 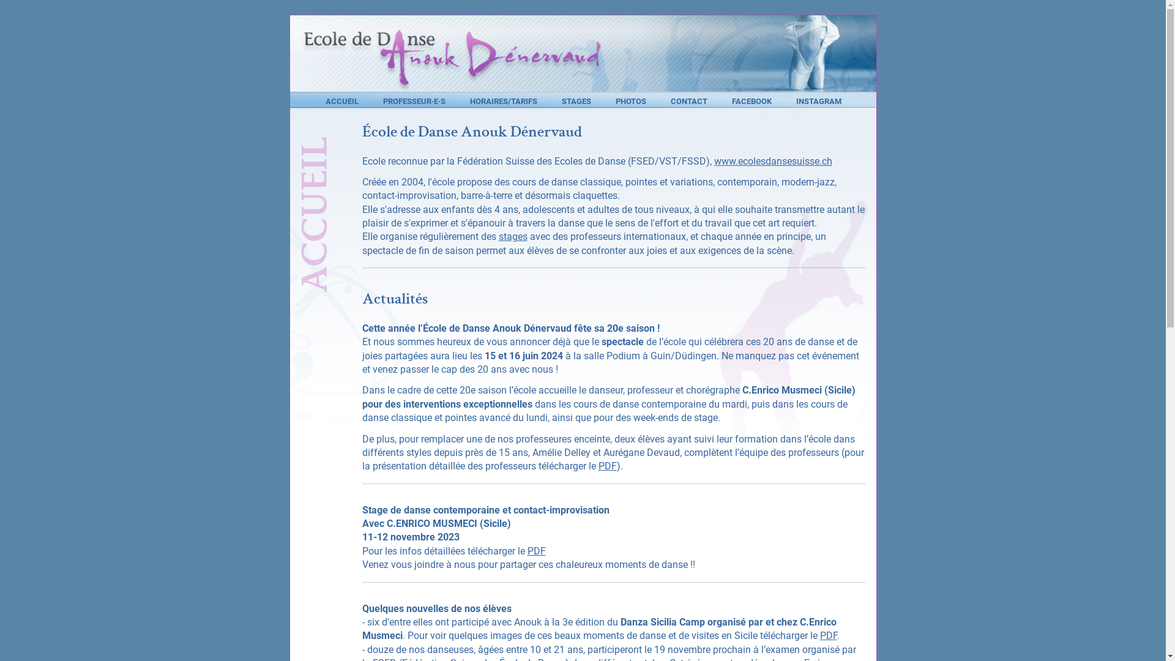 What do you see at coordinates (828, 635) in the screenshot?
I see `'PDF'` at bounding box center [828, 635].